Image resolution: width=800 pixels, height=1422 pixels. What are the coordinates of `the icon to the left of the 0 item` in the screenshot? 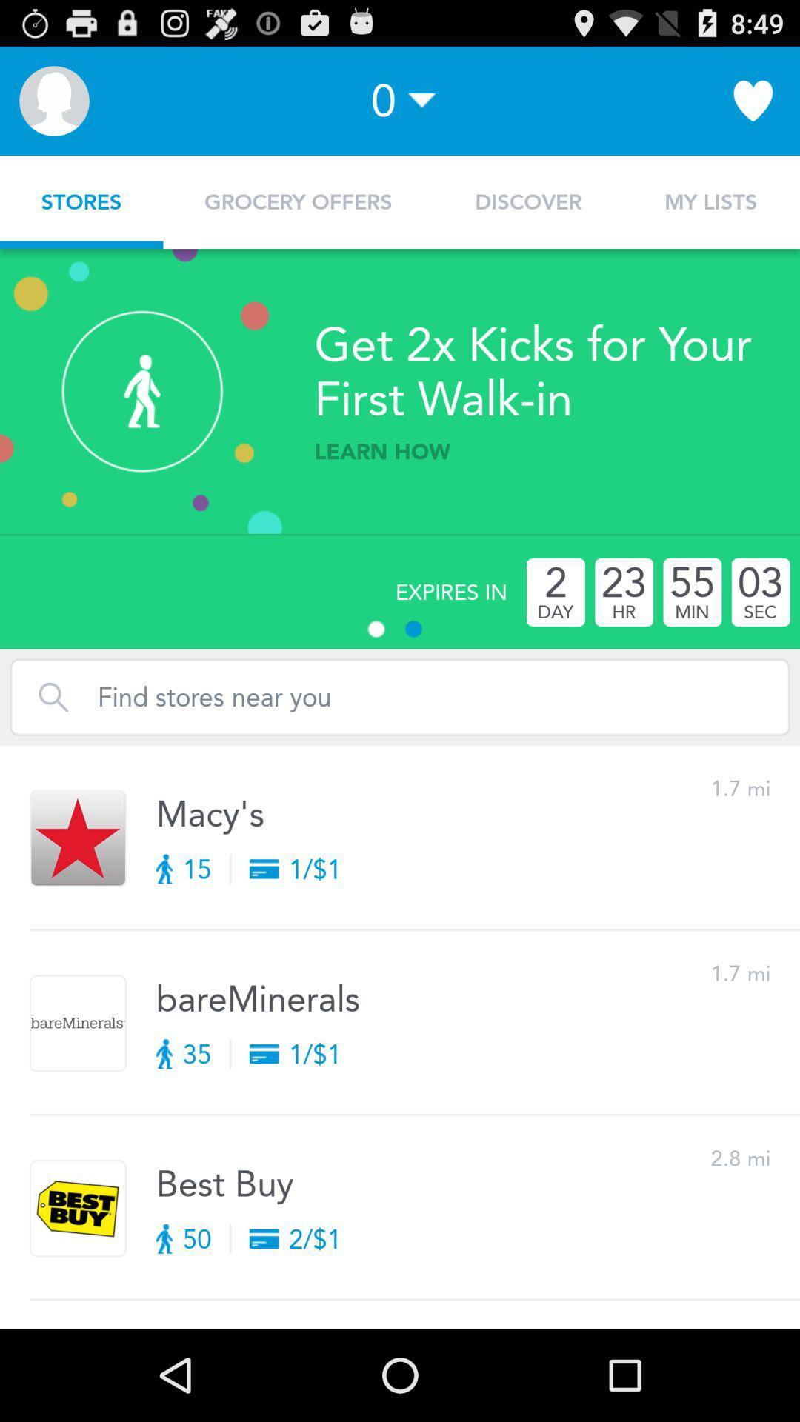 It's located at (53, 100).